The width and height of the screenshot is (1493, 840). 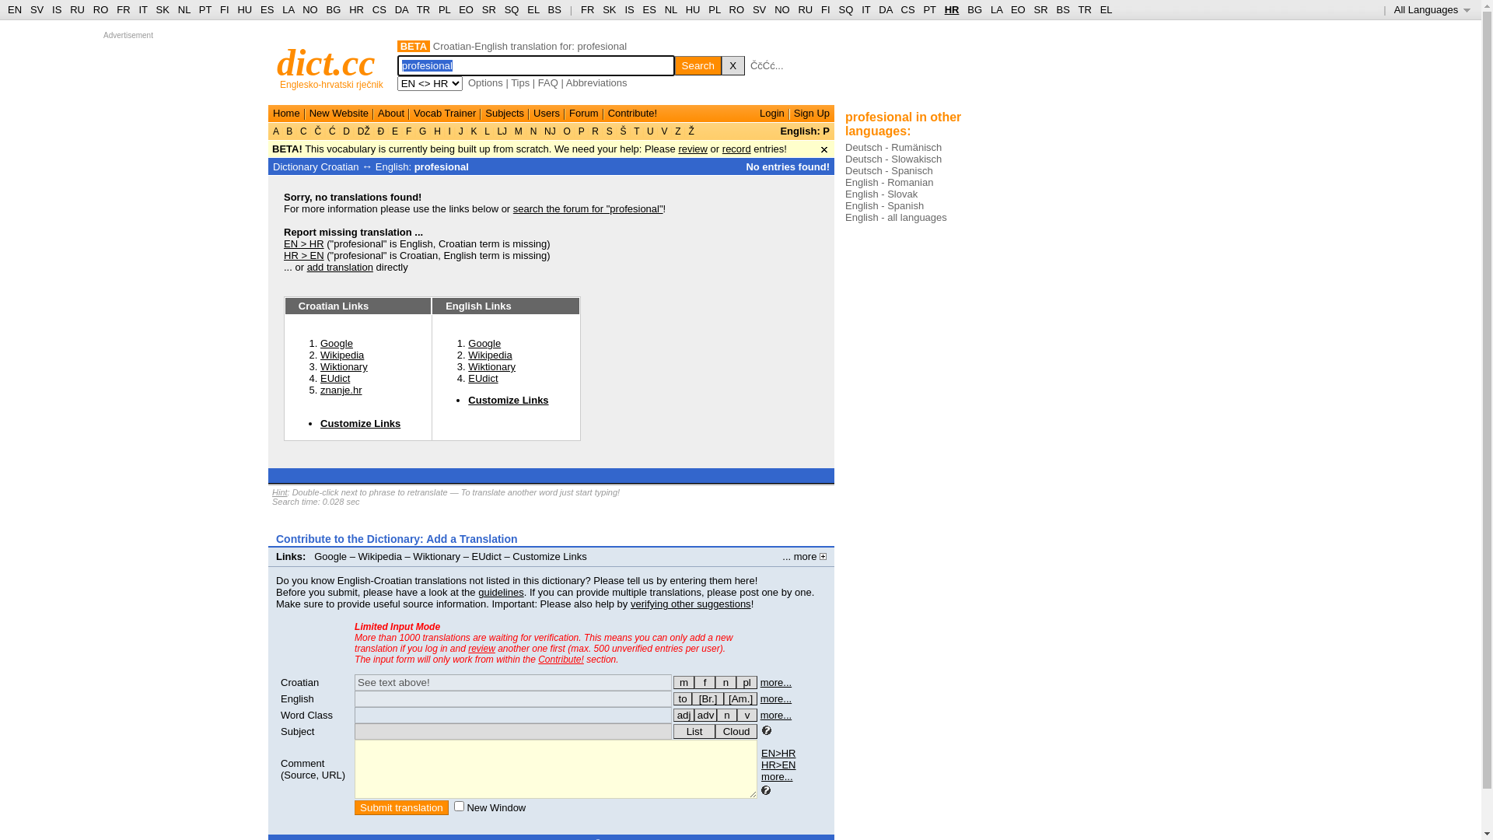 What do you see at coordinates (776, 698) in the screenshot?
I see `'more...'` at bounding box center [776, 698].